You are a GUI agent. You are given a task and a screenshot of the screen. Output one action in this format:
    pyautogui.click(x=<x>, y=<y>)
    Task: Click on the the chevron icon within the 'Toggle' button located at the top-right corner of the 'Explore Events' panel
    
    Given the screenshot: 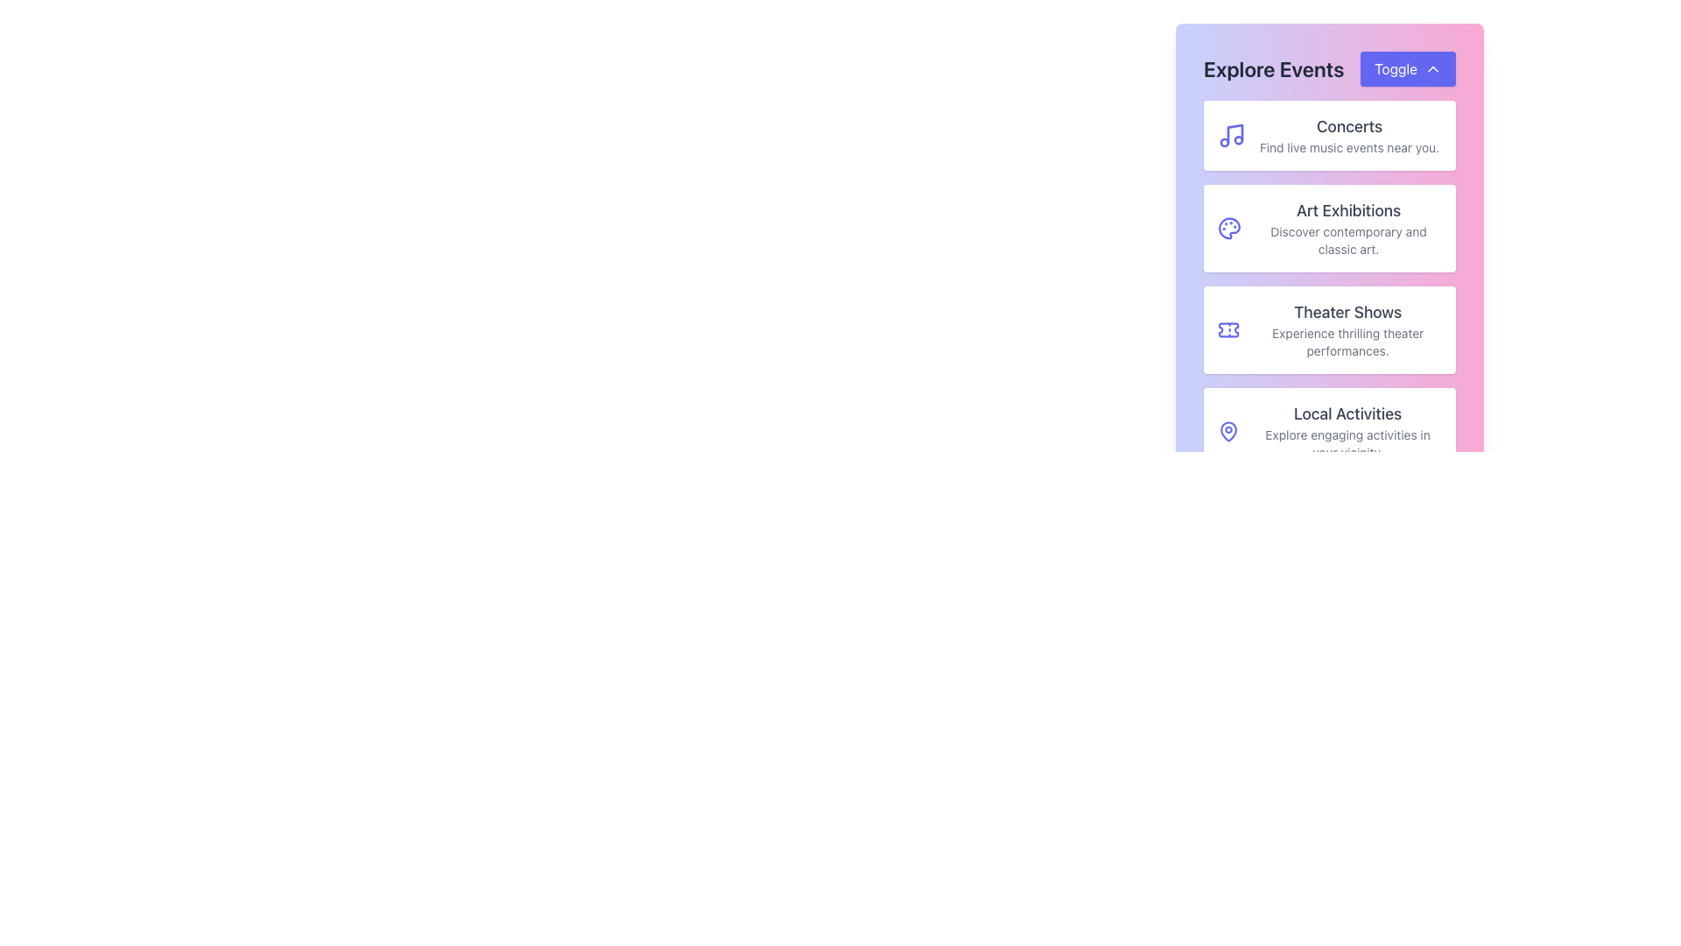 What is the action you would take?
    pyautogui.click(x=1432, y=67)
    